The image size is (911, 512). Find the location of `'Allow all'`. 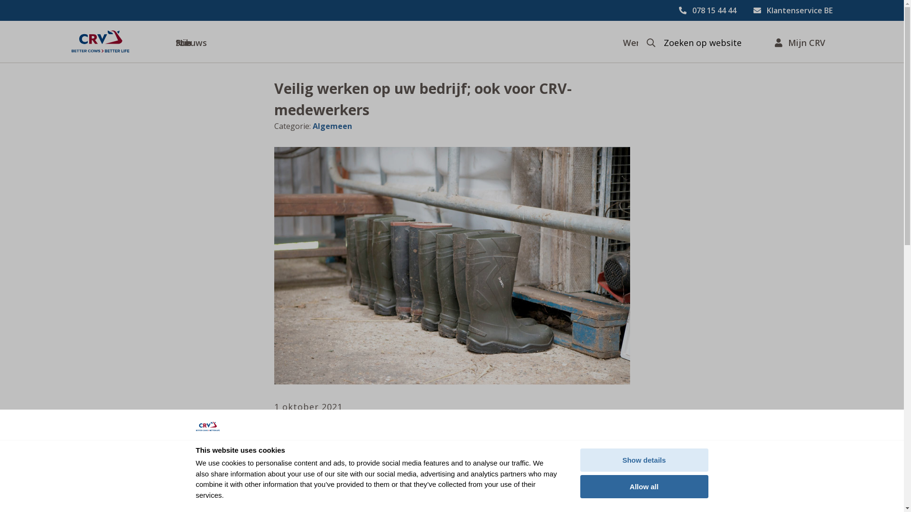

'Allow all' is located at coordinates (644, 486).